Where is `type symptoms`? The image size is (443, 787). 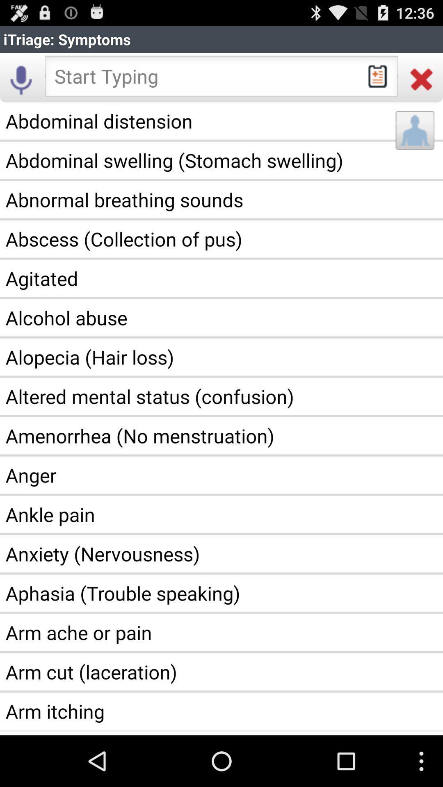
type symptoms is located at coordinates (221, 79).